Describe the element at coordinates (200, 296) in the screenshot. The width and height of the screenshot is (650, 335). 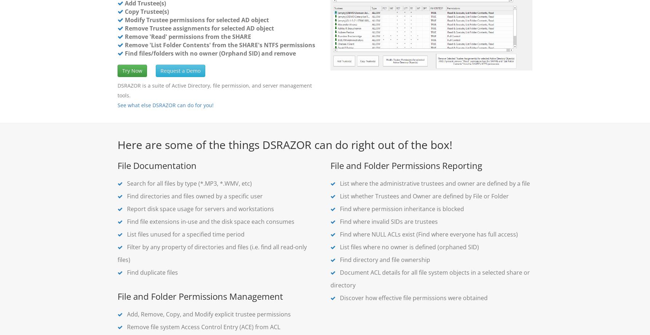
I see `'File and Folder Permissions Management'` at that location.